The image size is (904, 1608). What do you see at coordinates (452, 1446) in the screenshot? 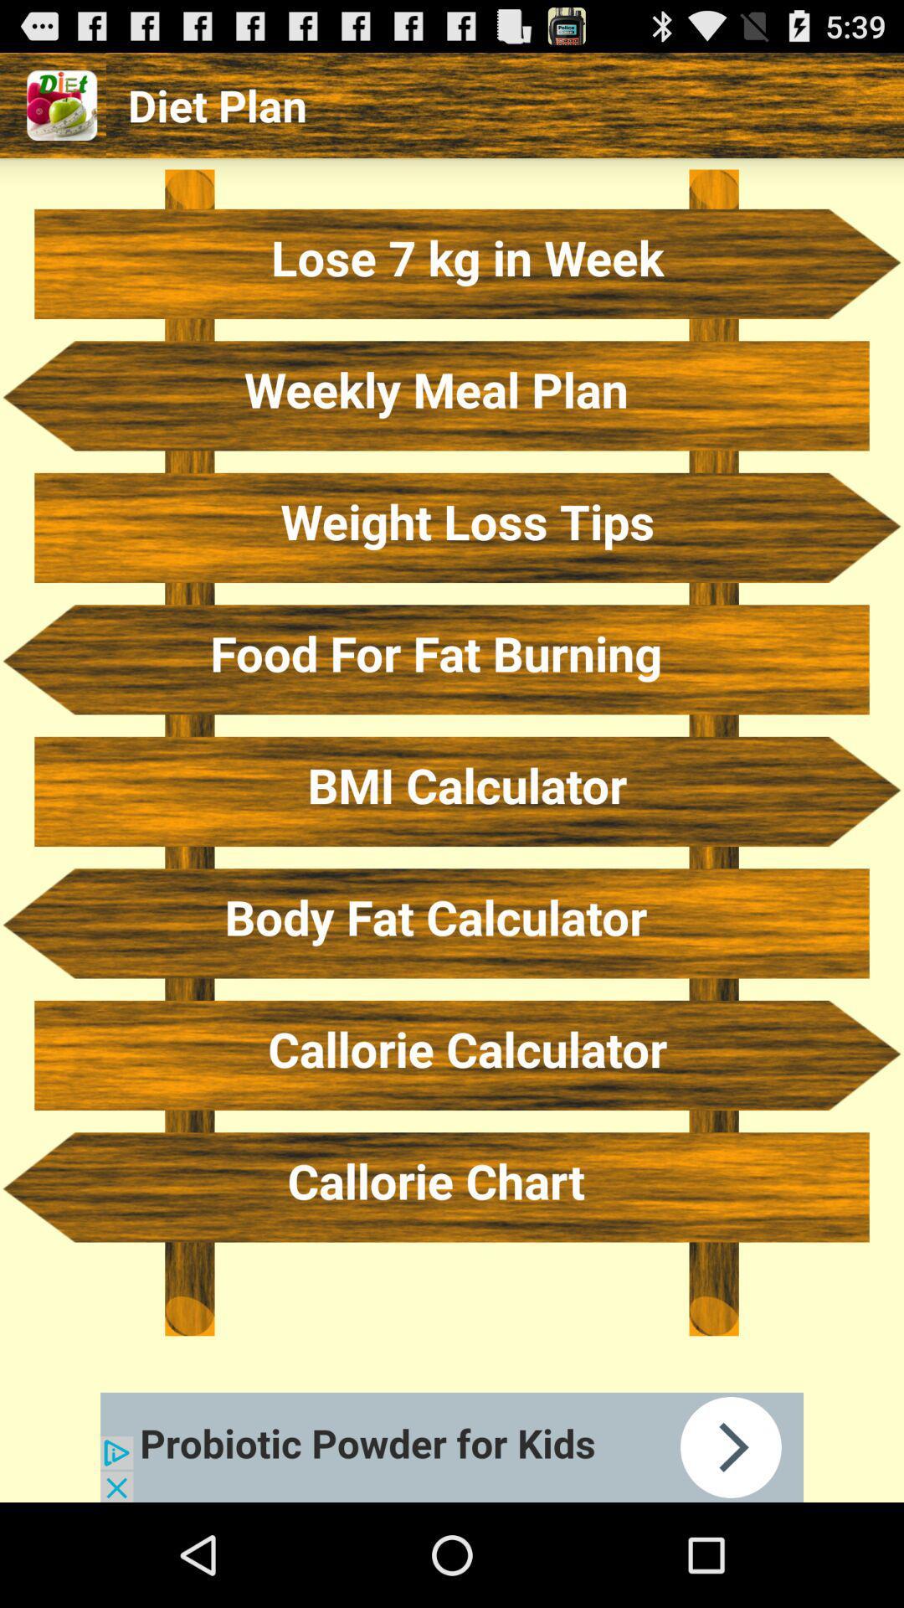
I see `advertisement page` at bounding box center [452, 1446].